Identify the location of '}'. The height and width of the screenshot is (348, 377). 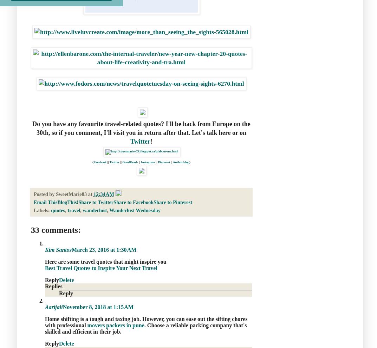
(189, 162).